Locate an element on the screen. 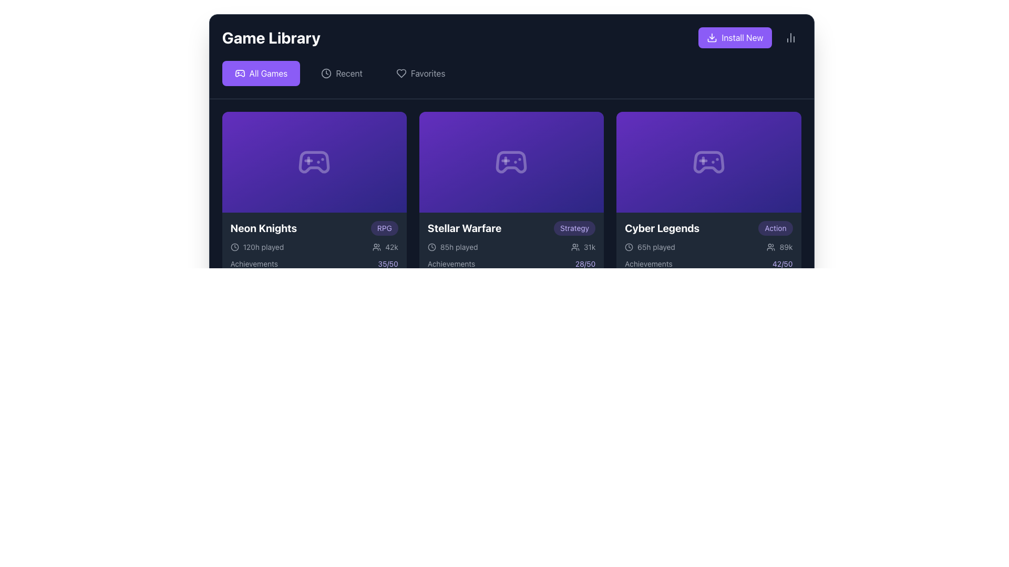 The image size is (1009, 567). the category tag for the 'Stellar Warfare' game card located at the bottom-right corner, which provides contextual information about the game type is located at coordinates (574, 228).